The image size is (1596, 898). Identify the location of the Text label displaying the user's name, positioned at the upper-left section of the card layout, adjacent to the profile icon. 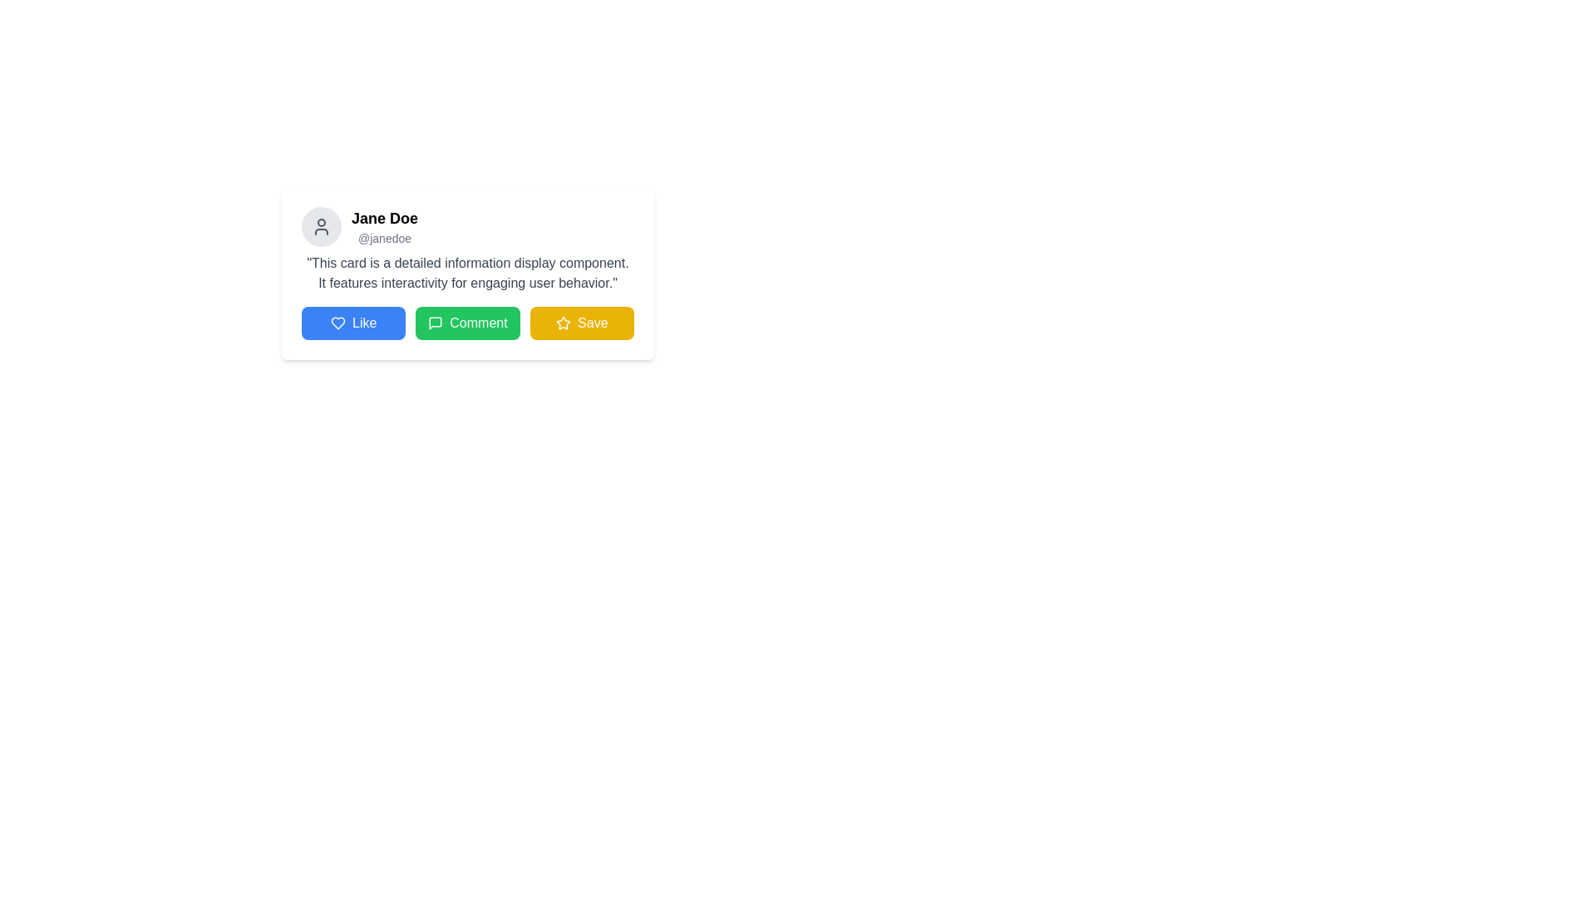
(384, 217).